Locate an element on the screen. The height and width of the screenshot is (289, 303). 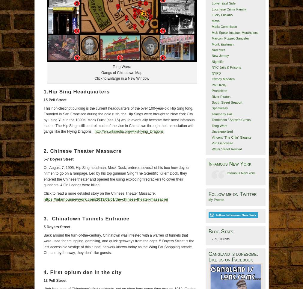
'Monk Eastman' is located at coordinates (211, 44).